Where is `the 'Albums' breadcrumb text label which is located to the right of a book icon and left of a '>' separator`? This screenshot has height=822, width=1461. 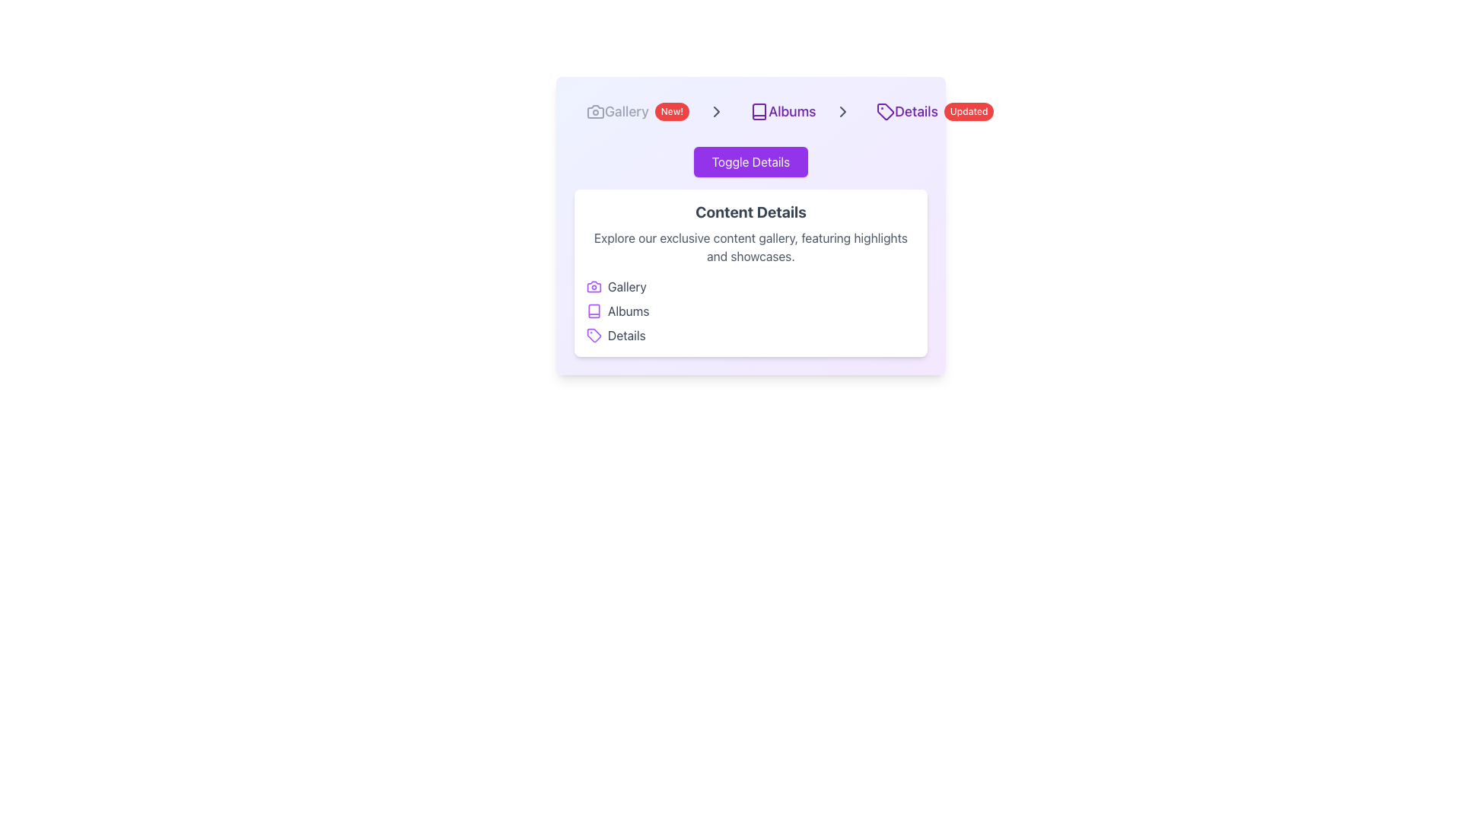 the 'Albums' breadcrumb text label which is located to the right of a book icon and left of a '>' separator is located at coordinates (791, 110).